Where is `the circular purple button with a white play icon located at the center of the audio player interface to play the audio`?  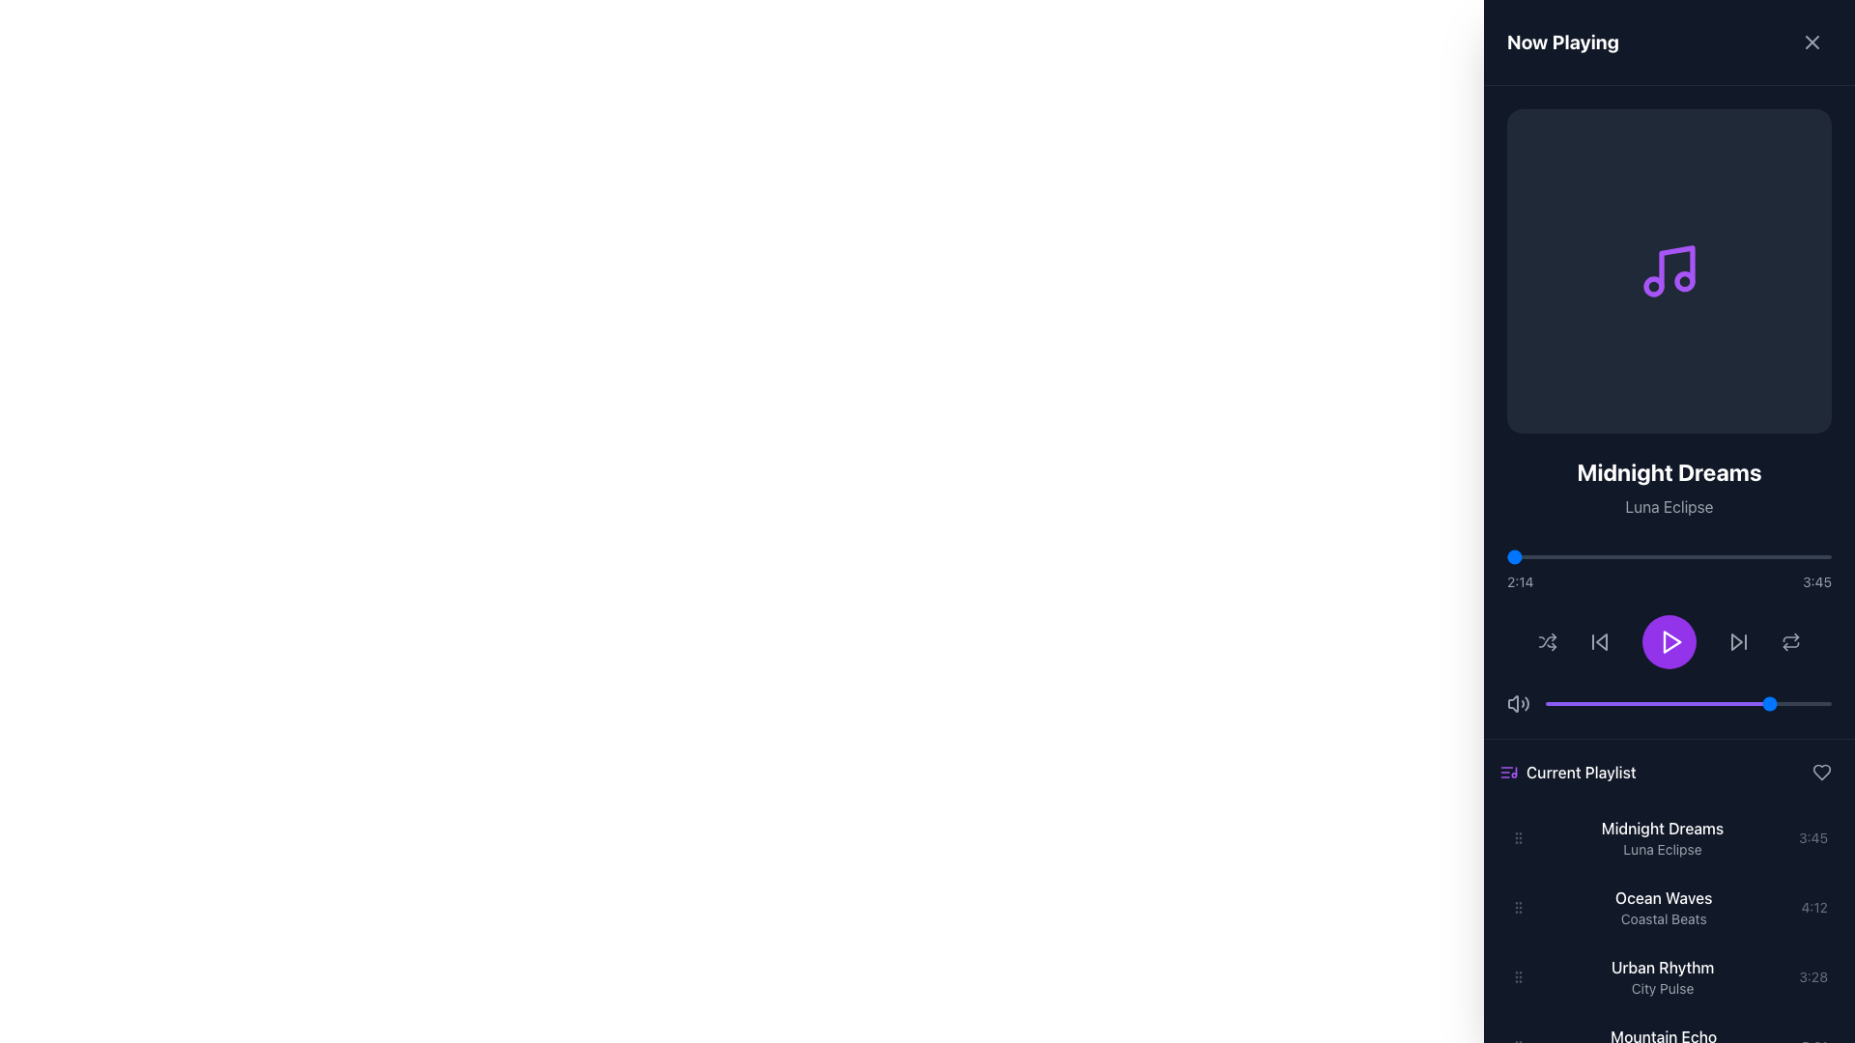
the circular purple button with a white play icon located at the center of the audio player interface to play the audio is located at coordinates (1669, 641).